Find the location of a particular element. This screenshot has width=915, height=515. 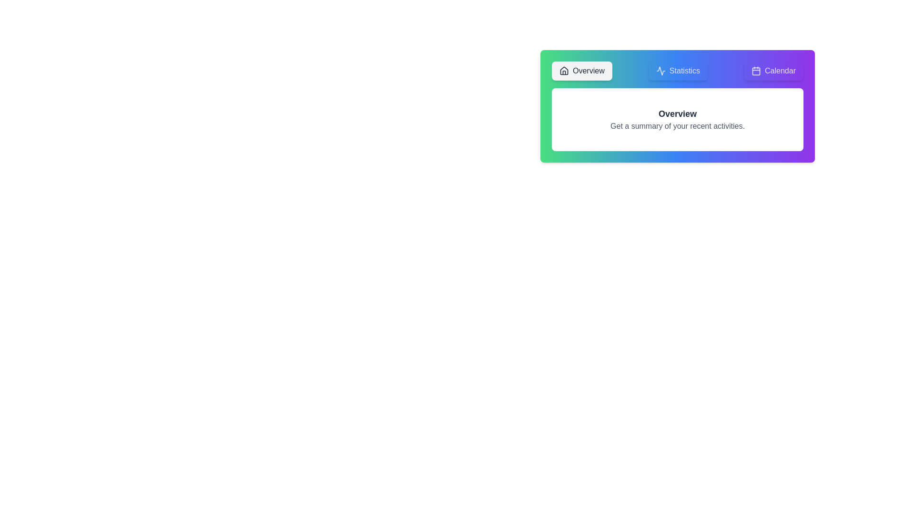

the tab labeled Calendar is located at coordinates (773, 71).